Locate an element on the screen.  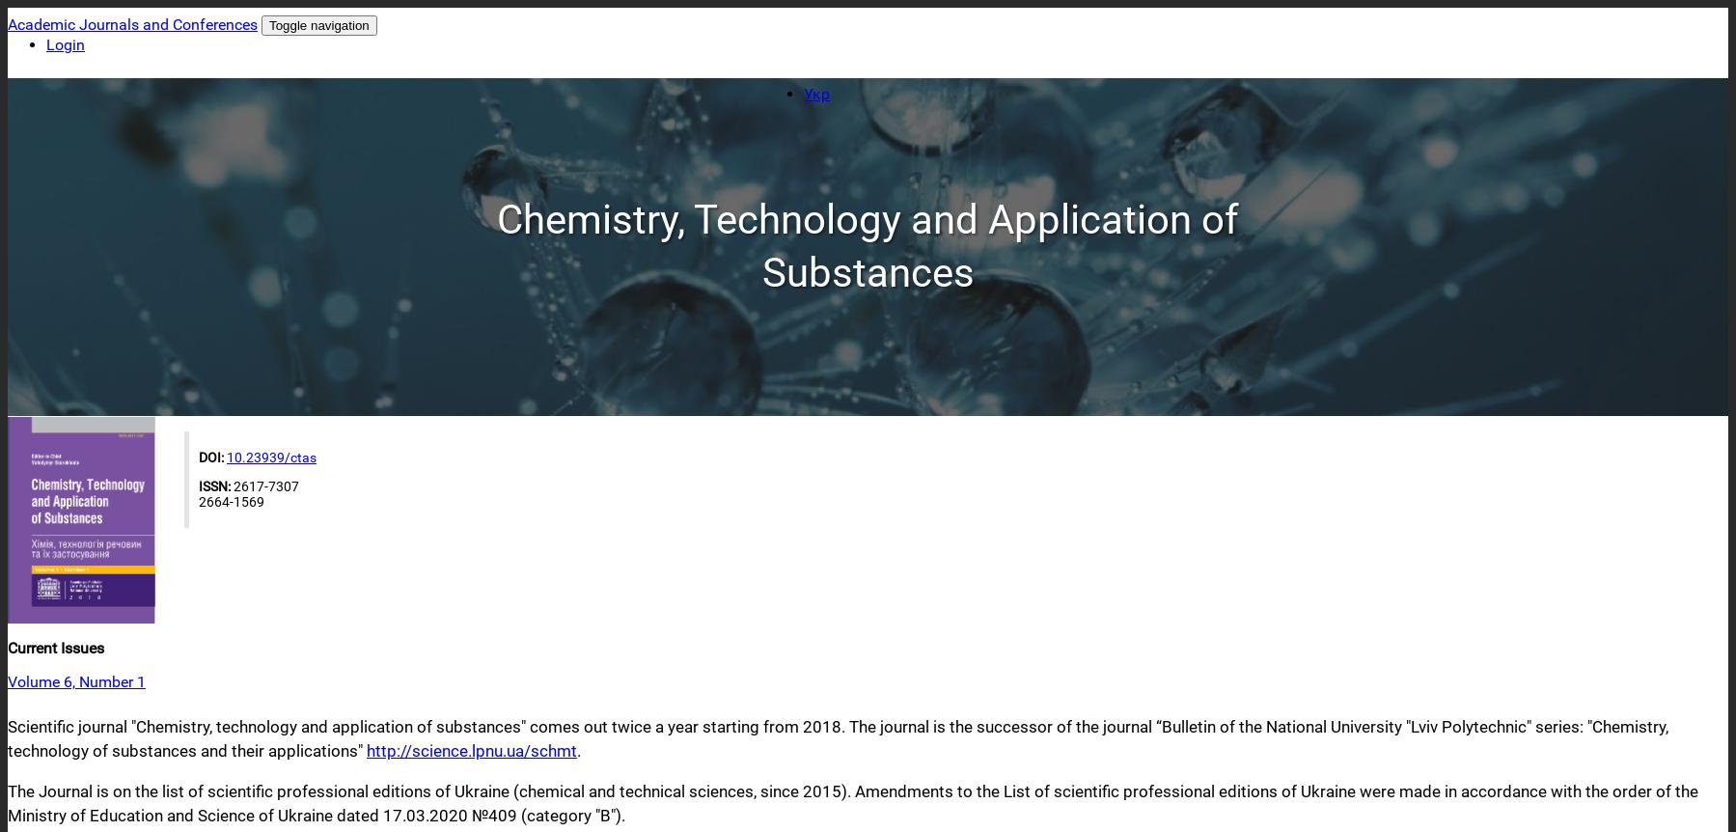
'DOI:' is located at coordinates (212, 458).